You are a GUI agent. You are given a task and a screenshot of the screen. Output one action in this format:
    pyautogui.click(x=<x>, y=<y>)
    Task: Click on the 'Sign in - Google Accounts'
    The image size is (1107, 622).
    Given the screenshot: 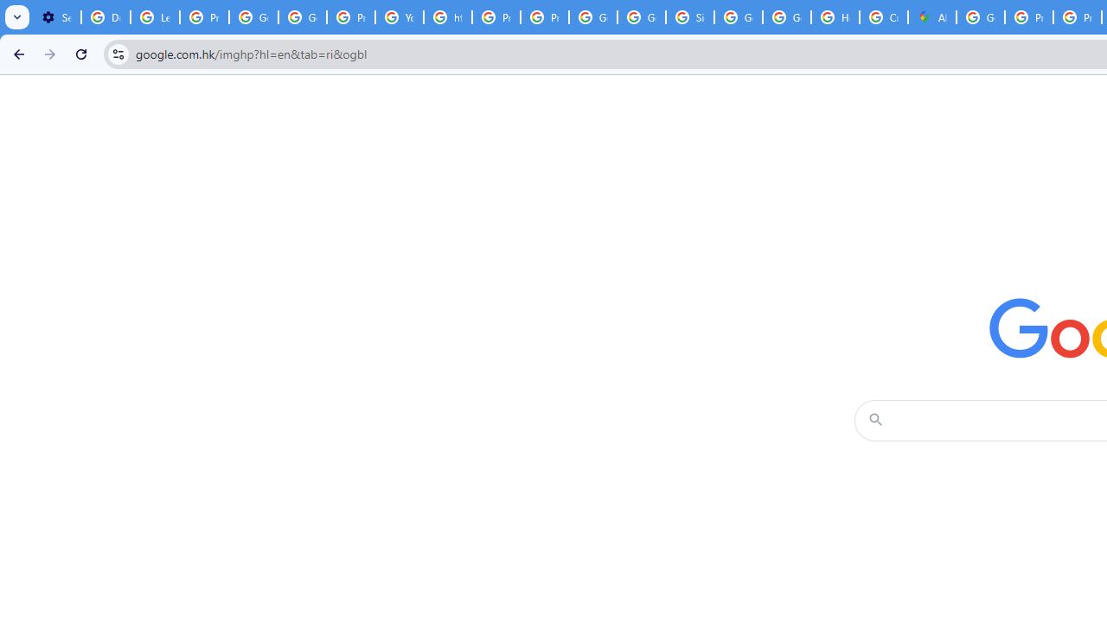 What is the action you would take?
    pyautogui.click(x=689, y=17)
    